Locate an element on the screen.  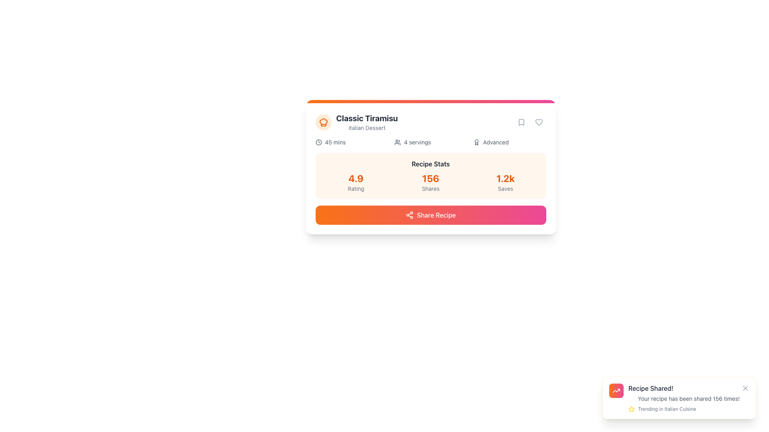
the static text label reading 'Saves', which is located in the bottom-right section of the 'Recipe Stats' area beneath the bold text '1.2k' is located at coordinates (505, 188).